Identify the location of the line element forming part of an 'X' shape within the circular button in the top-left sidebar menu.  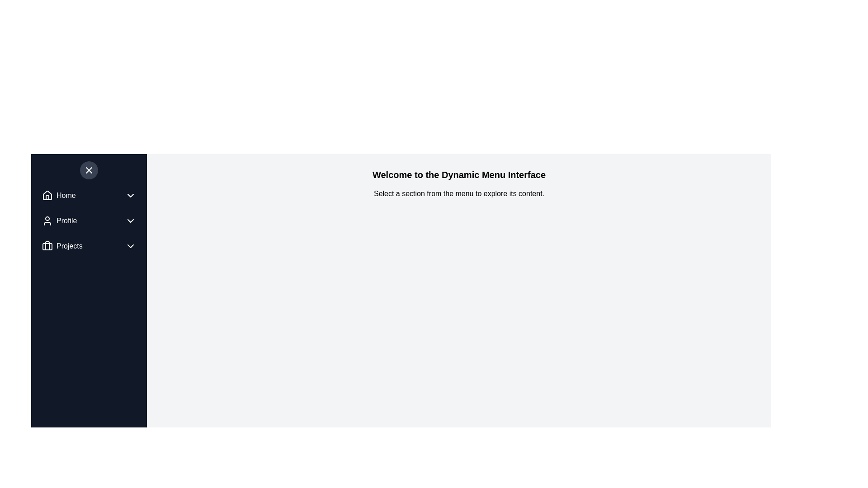
(89, 170).